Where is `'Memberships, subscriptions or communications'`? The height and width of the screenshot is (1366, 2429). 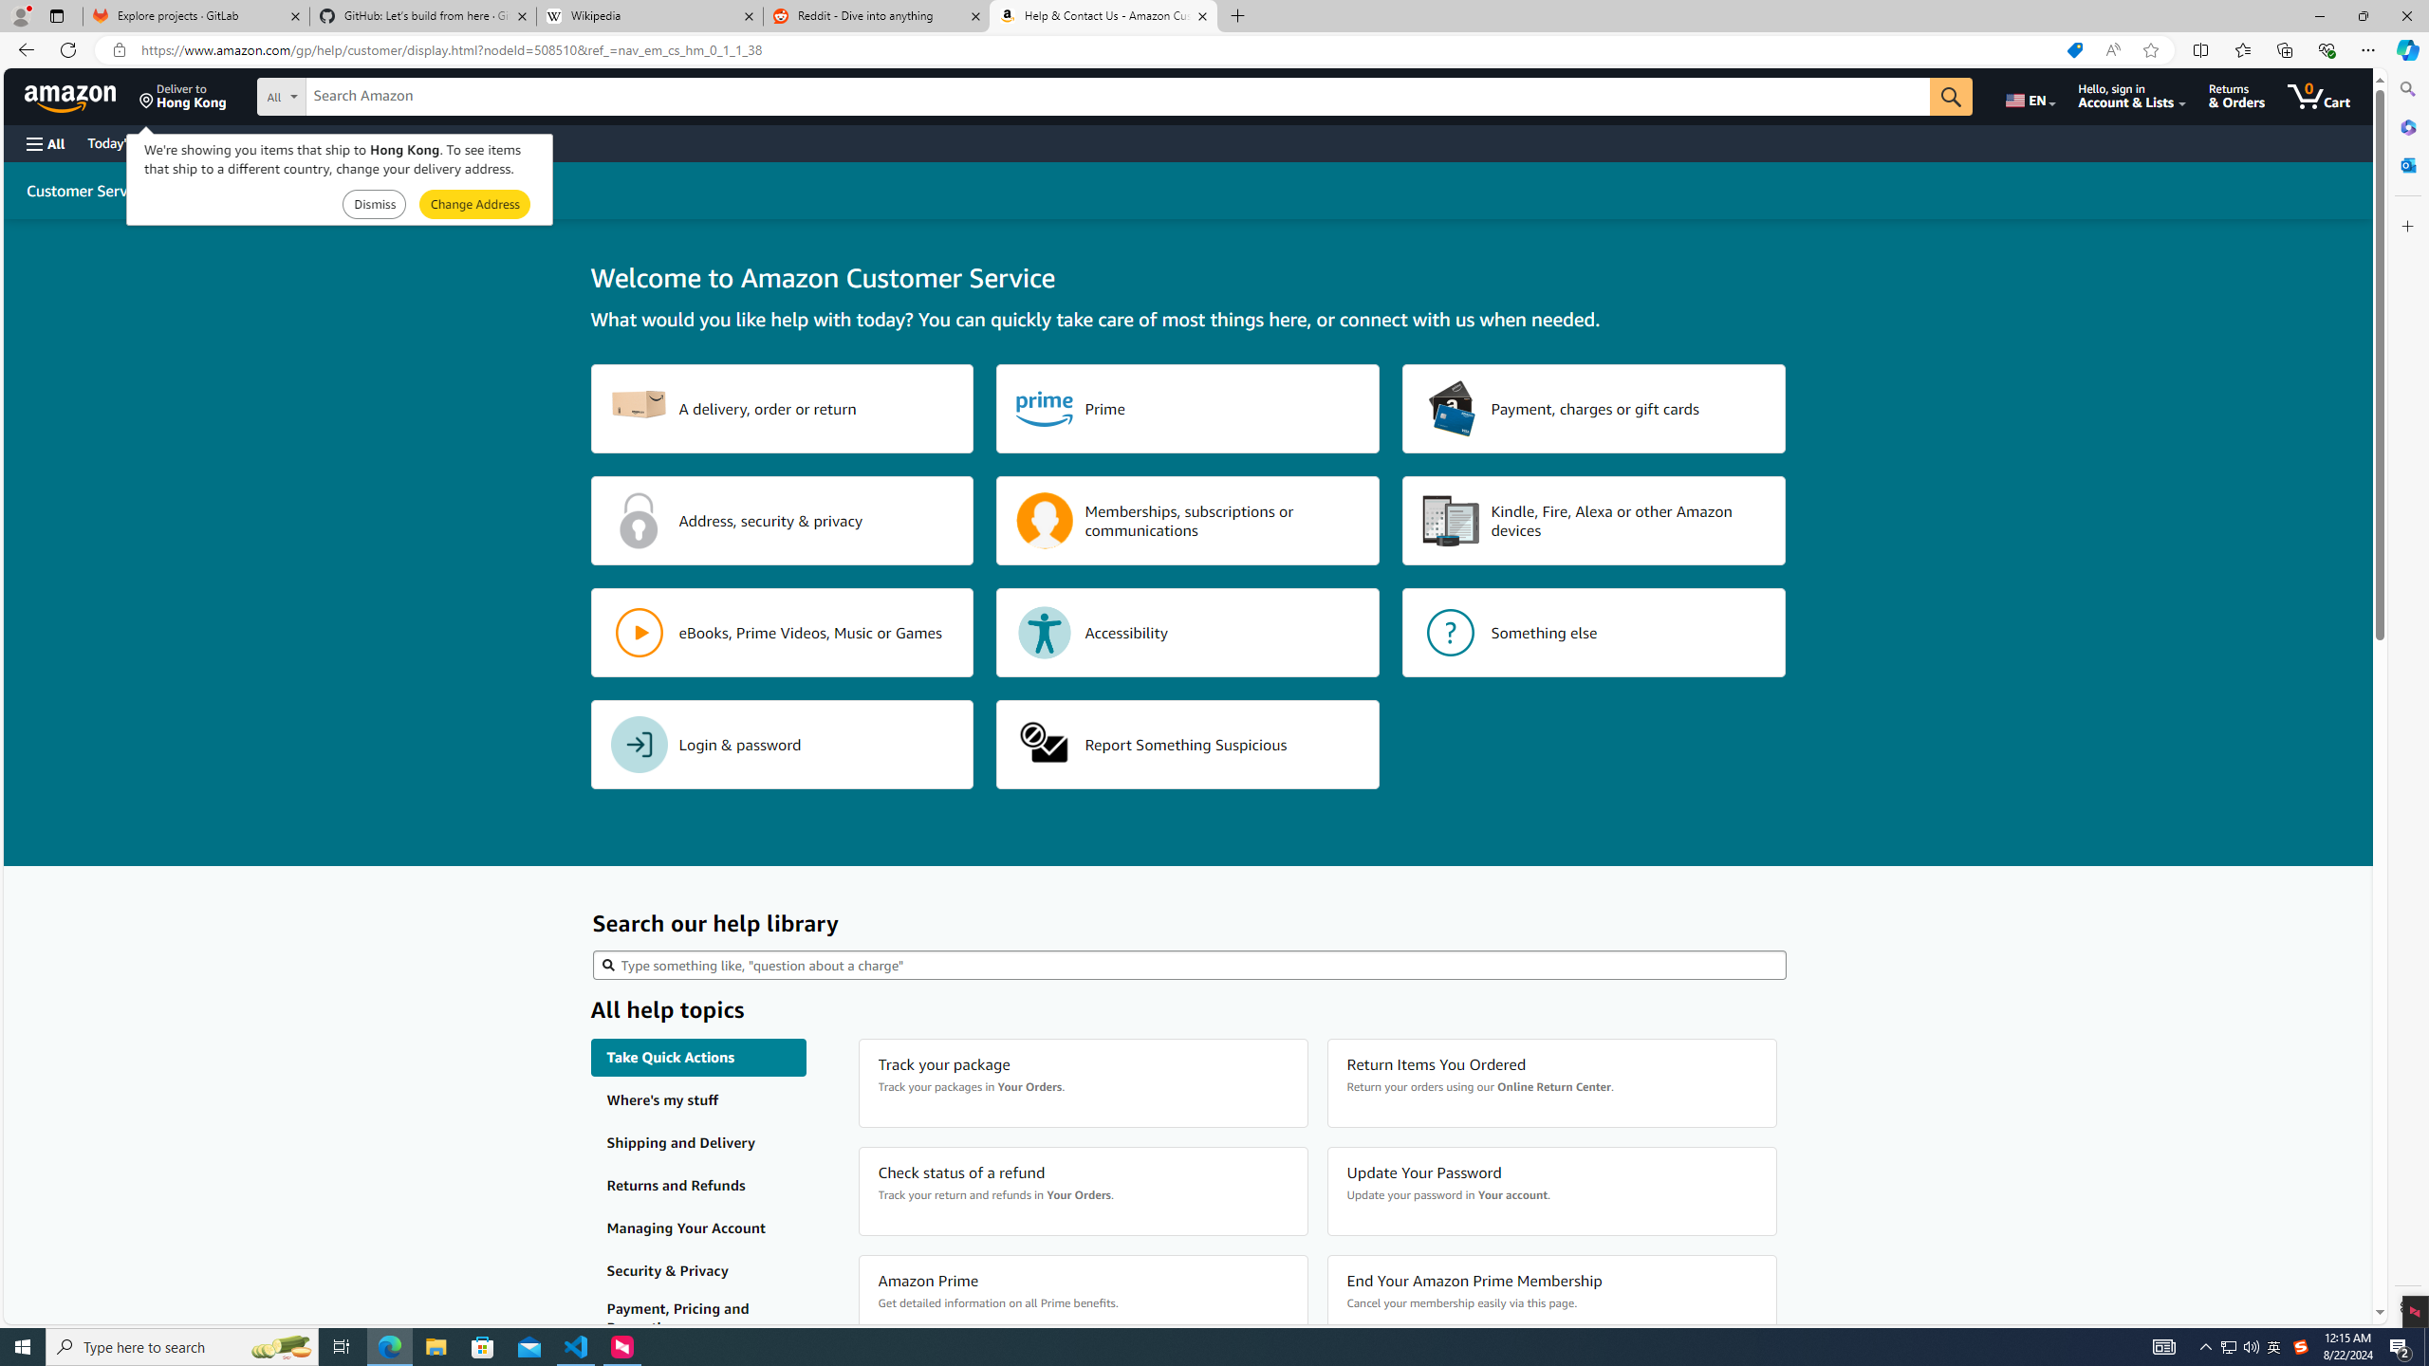
'Memberships, subscriptions or communications' is located at coordinates (1187, 520).